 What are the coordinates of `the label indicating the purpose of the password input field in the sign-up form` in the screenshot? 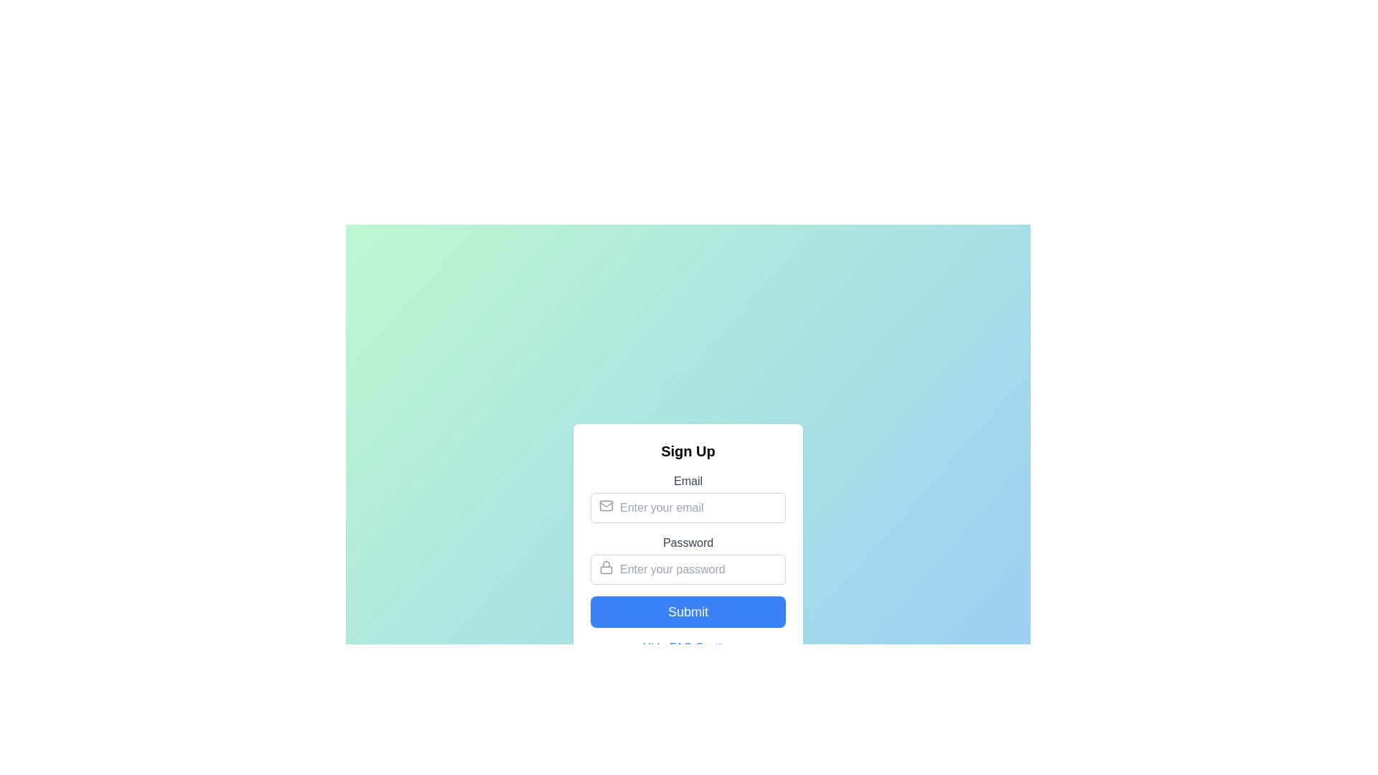 It's located at (688, 542).